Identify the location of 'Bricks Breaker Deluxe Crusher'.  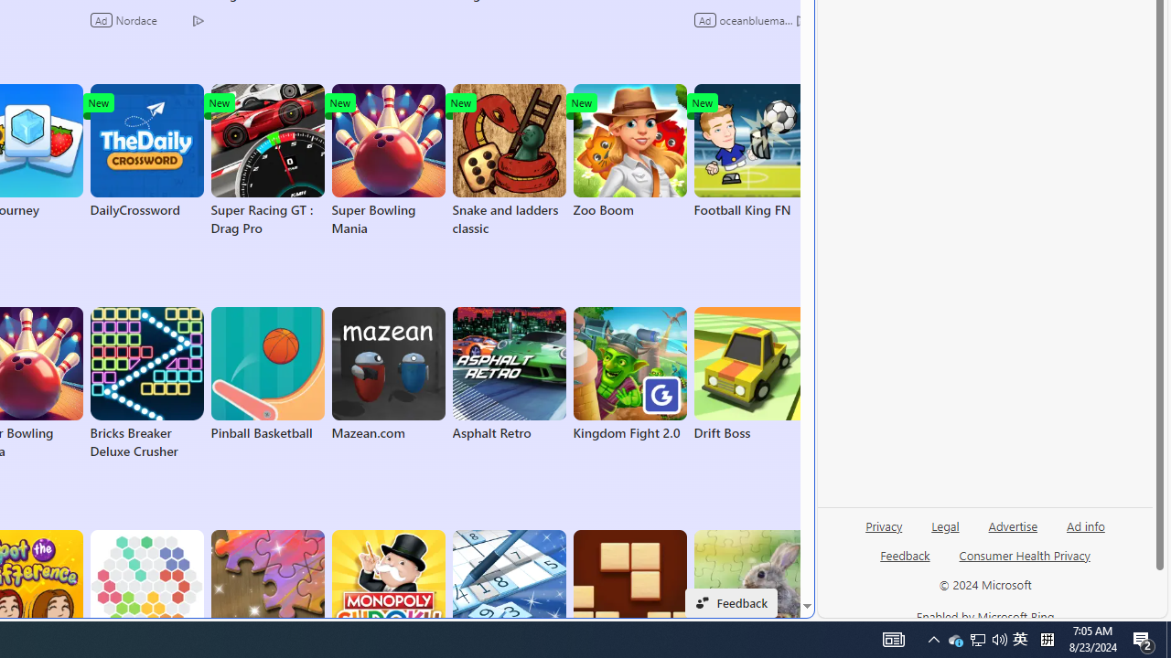
(146, 383).